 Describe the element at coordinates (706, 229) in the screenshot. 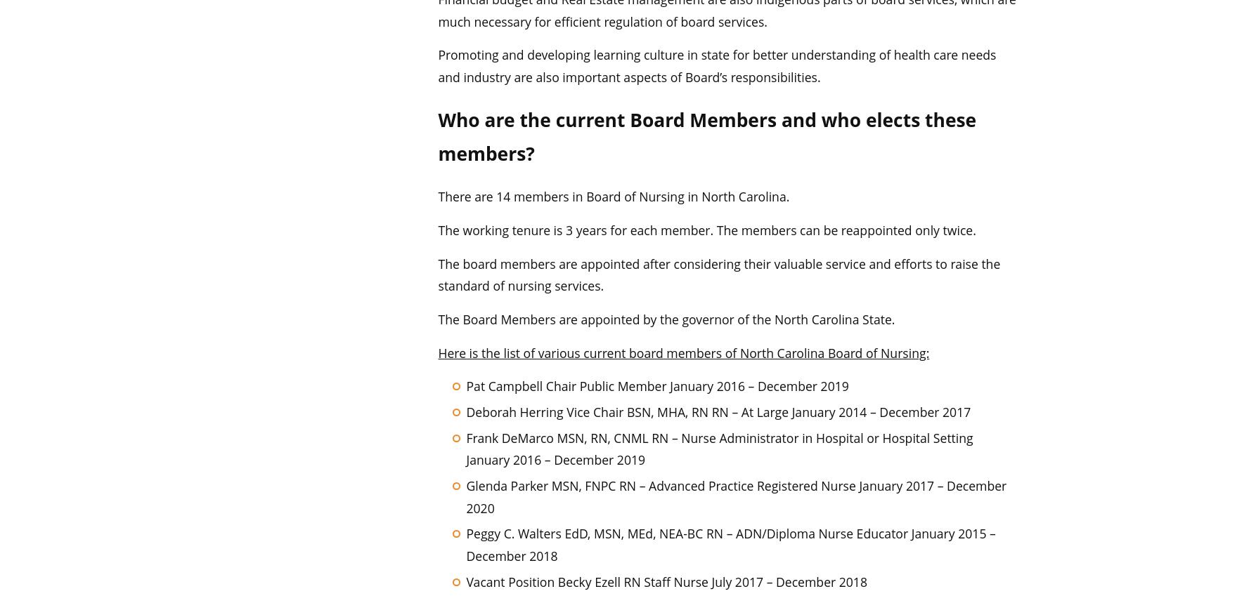

I see `'The working tenure is 3 years for each member. The members can be reappointed only twice.'` at that location.